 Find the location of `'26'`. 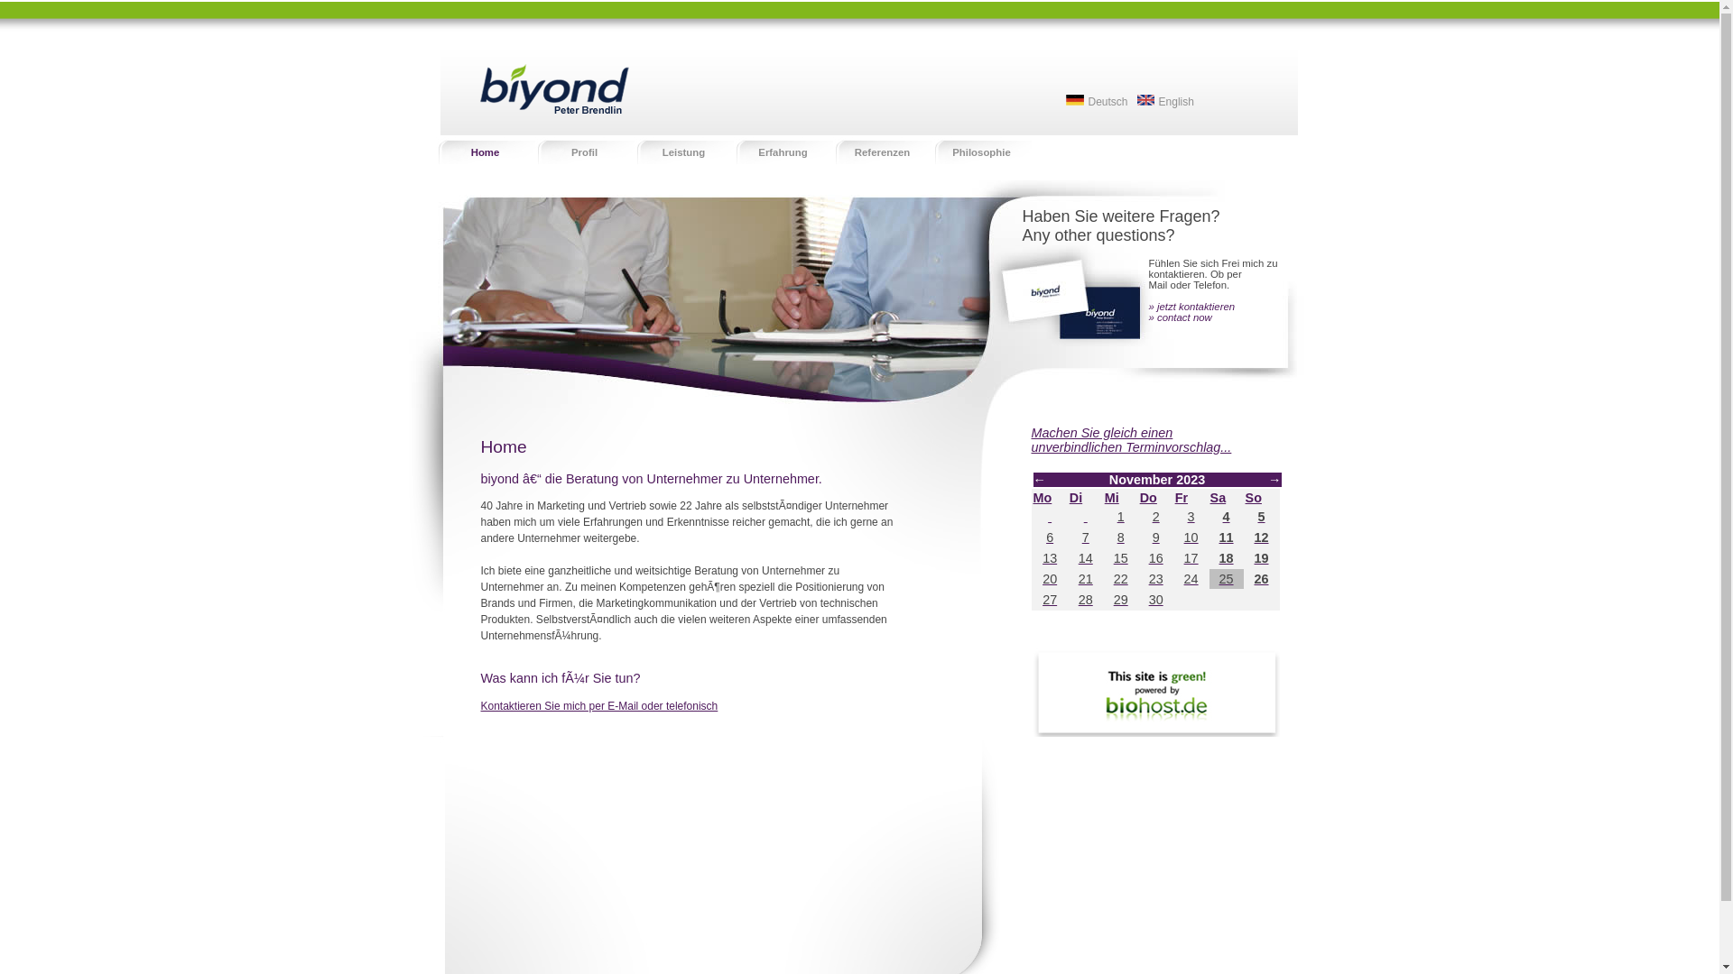

'26' is located at coordinates (1260, 578).